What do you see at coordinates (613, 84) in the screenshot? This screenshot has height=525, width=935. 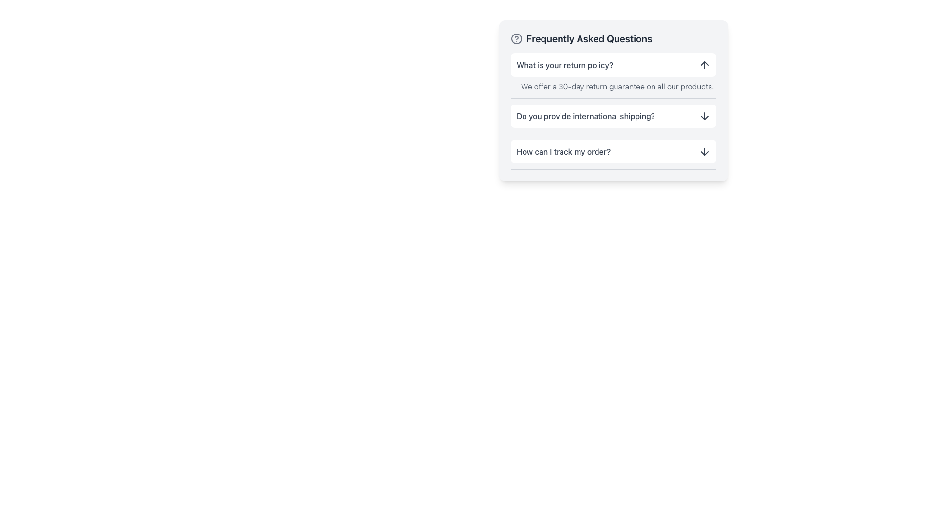 I see `the text element that states 'We offer a 30-day return guarantee on all our products.' positioned below the question 'What is your return policy?' in the FAQ section` at bounding box center [613, 84].